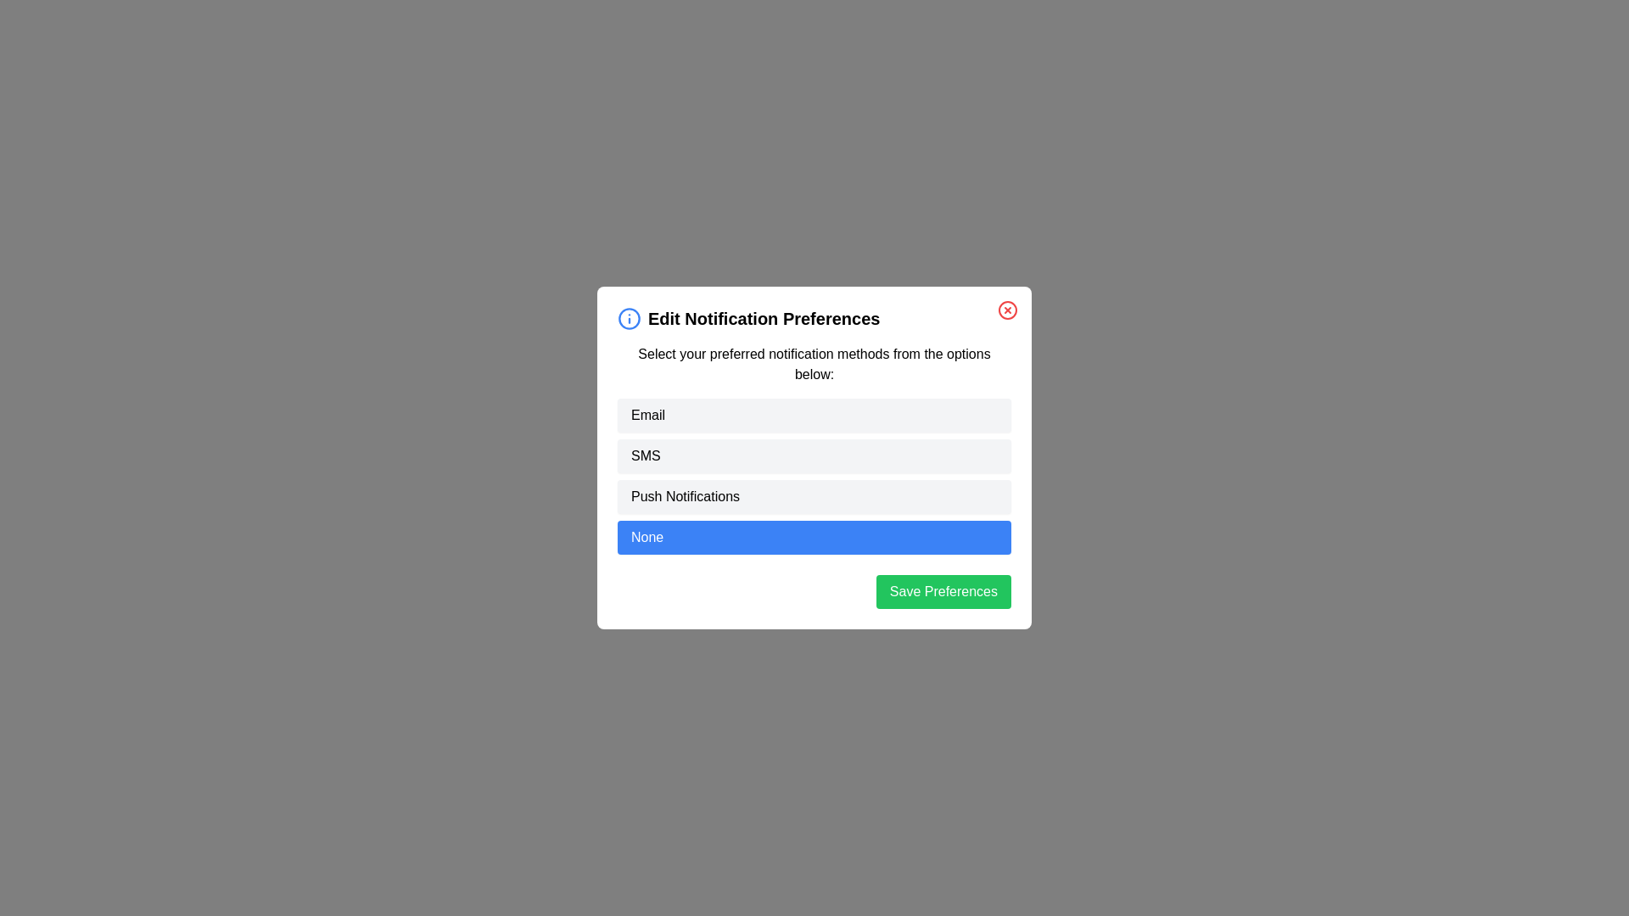 This screenshot has height=916, width=1629. Describe the element at coordinates (814, 415) in the screenshot. I see `the option Email from the list by clicking on it` at that location.